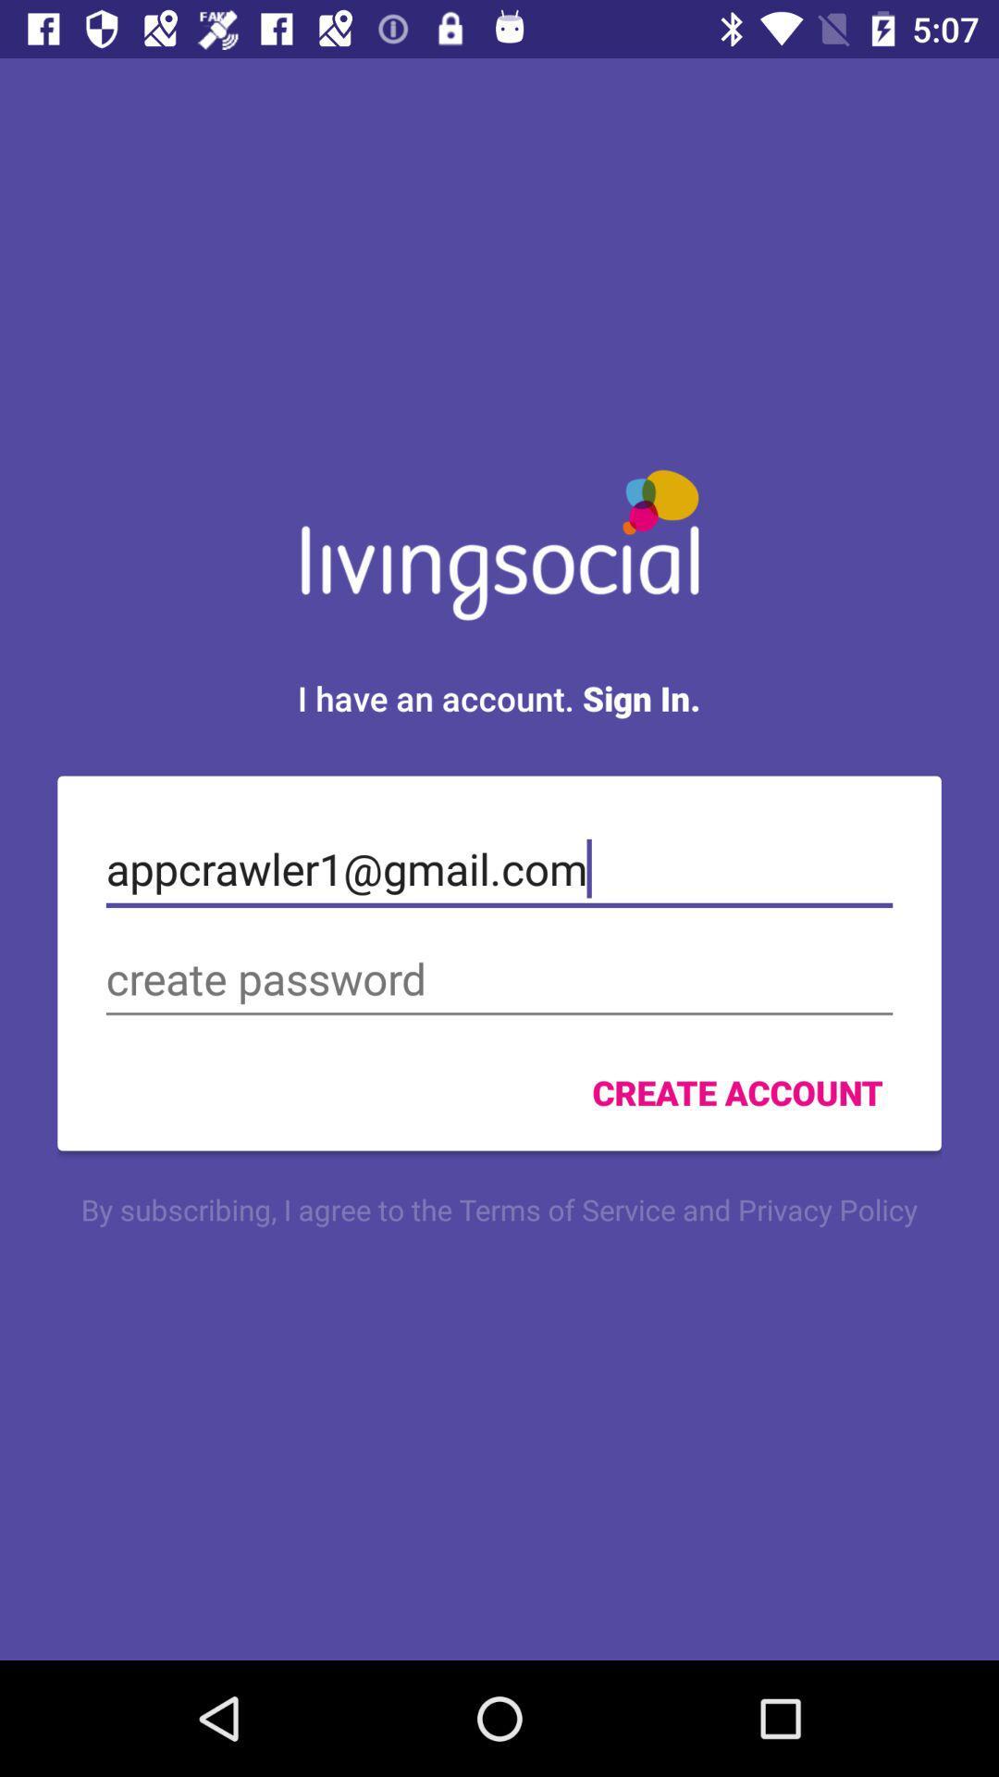  Describe the element at coordinates (499, 978) in the screenshot. I see `password` at that location.